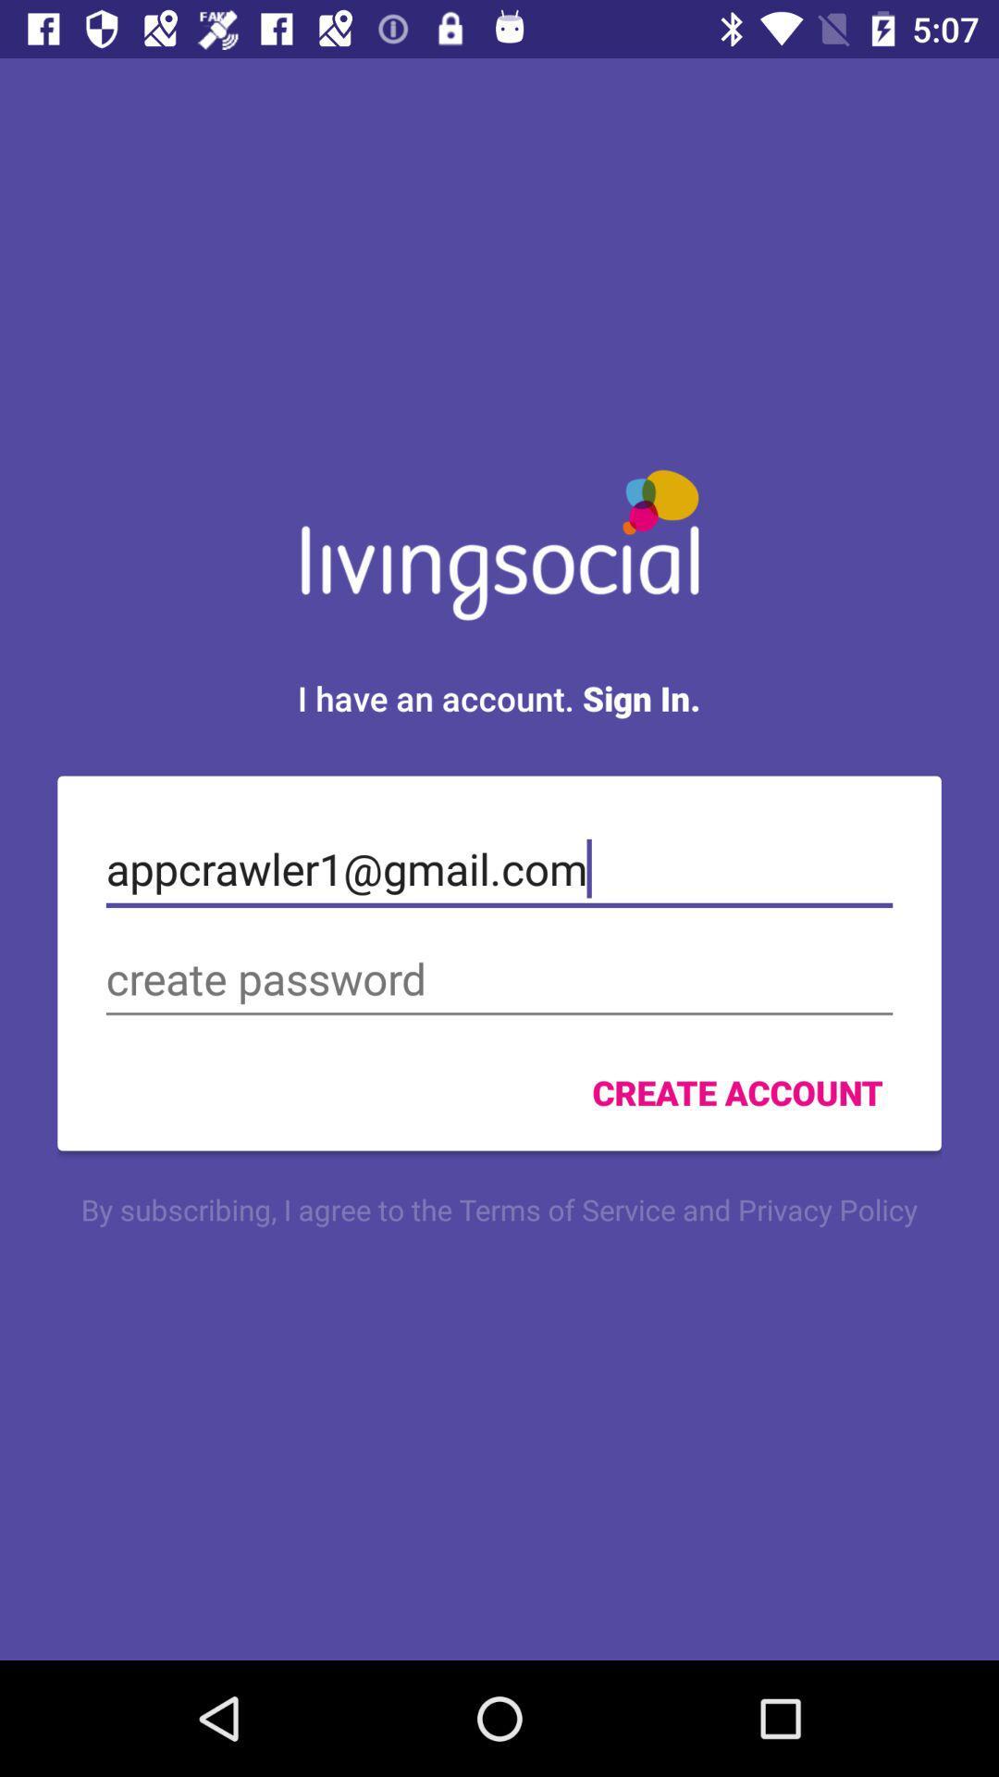  Describe the element at coordinates (499, 978) in the screenshot. I see `password` at that location.